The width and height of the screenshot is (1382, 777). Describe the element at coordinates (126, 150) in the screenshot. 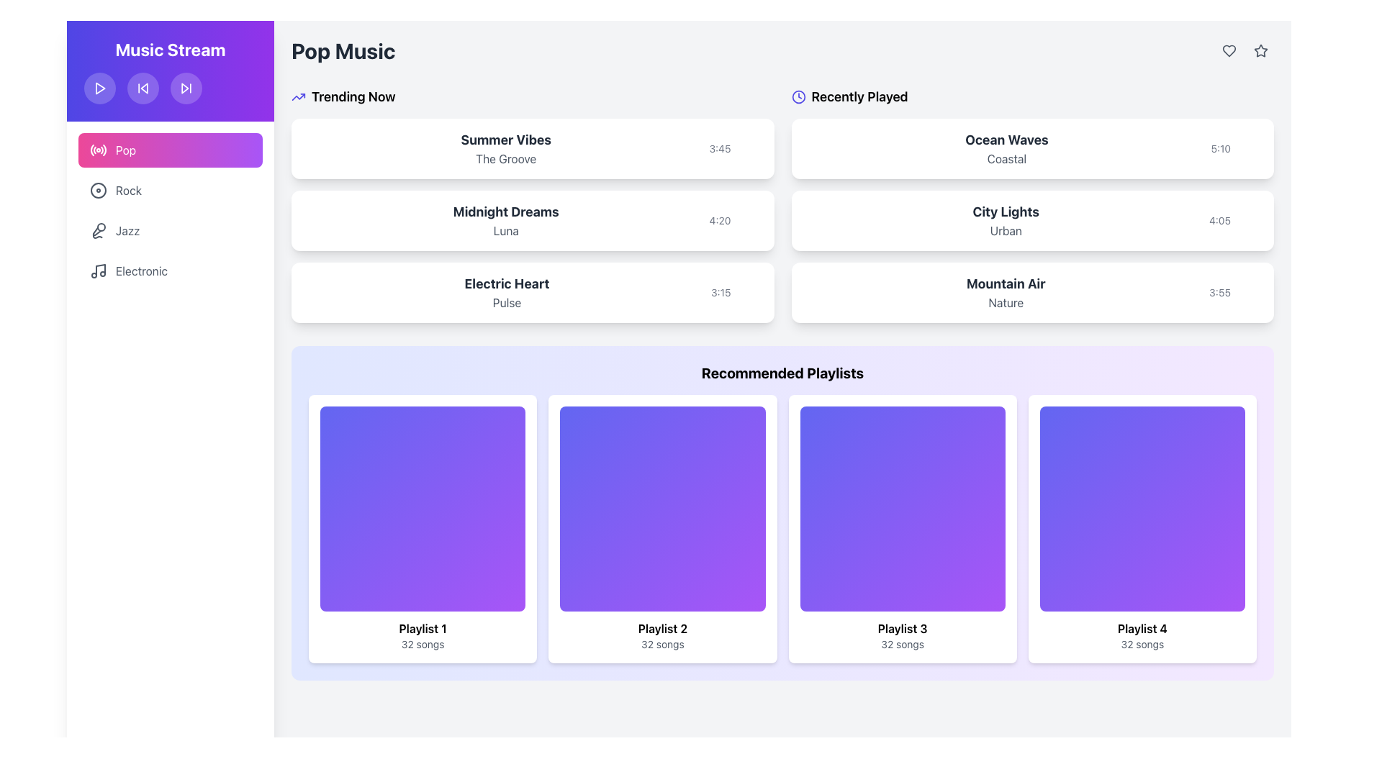

I see `label indicating the selected music genre, 'Pop', located in the left sidebar of the interface, which is part of a vertical navigation menu` at that location.